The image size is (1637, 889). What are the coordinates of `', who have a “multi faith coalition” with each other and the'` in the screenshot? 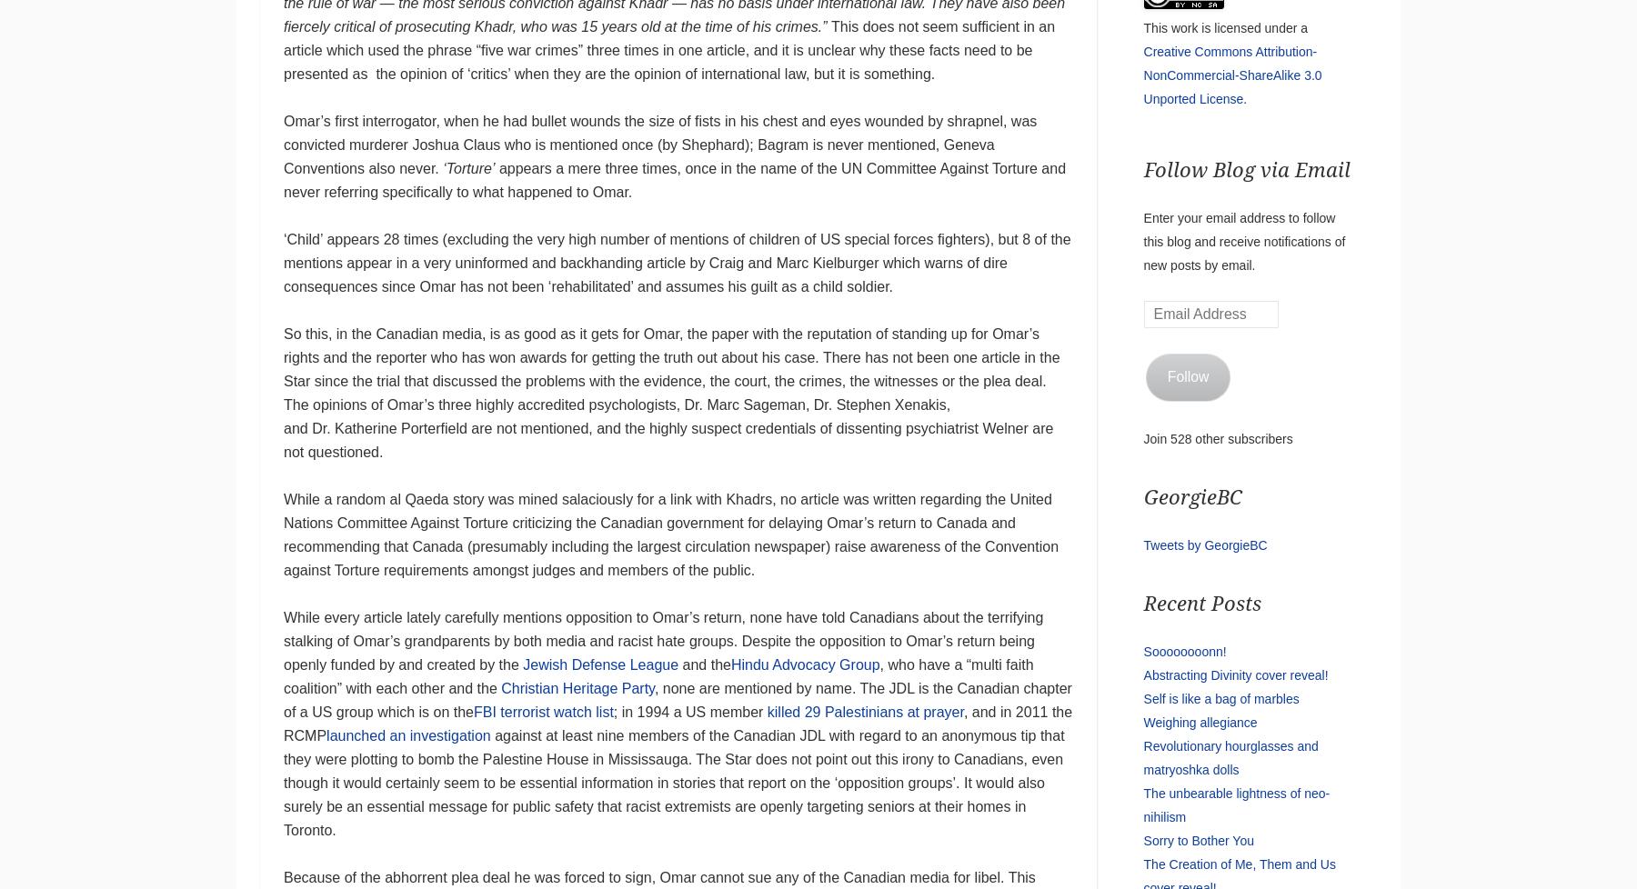 It's located at (657, 675).